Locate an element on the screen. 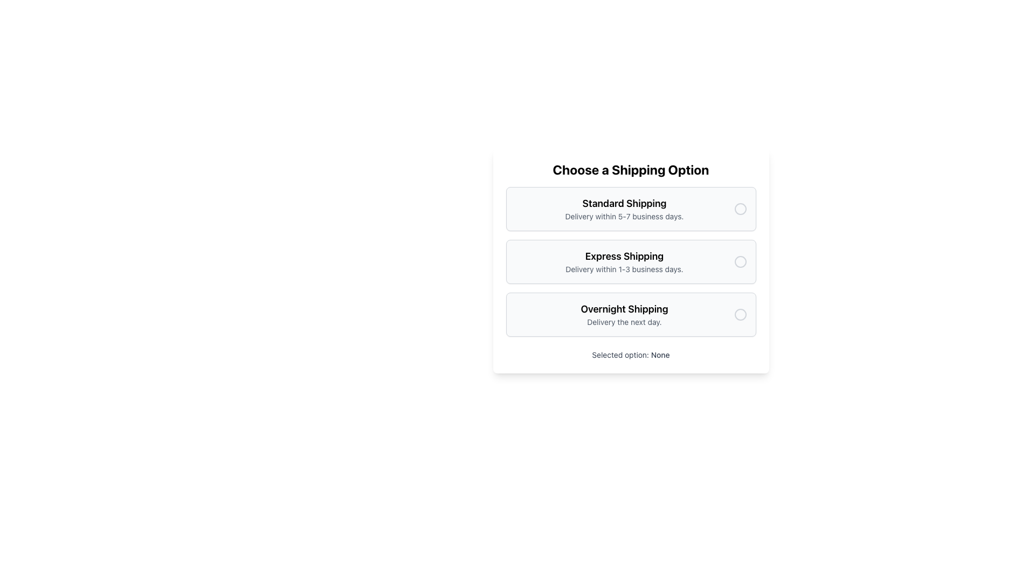 The width and height of the screenshot is (1035, 582). the radio button for 'Express Shipping', which is a circular icon with a gray border located at the far right of the selection option is located at coordinates (740, 262).